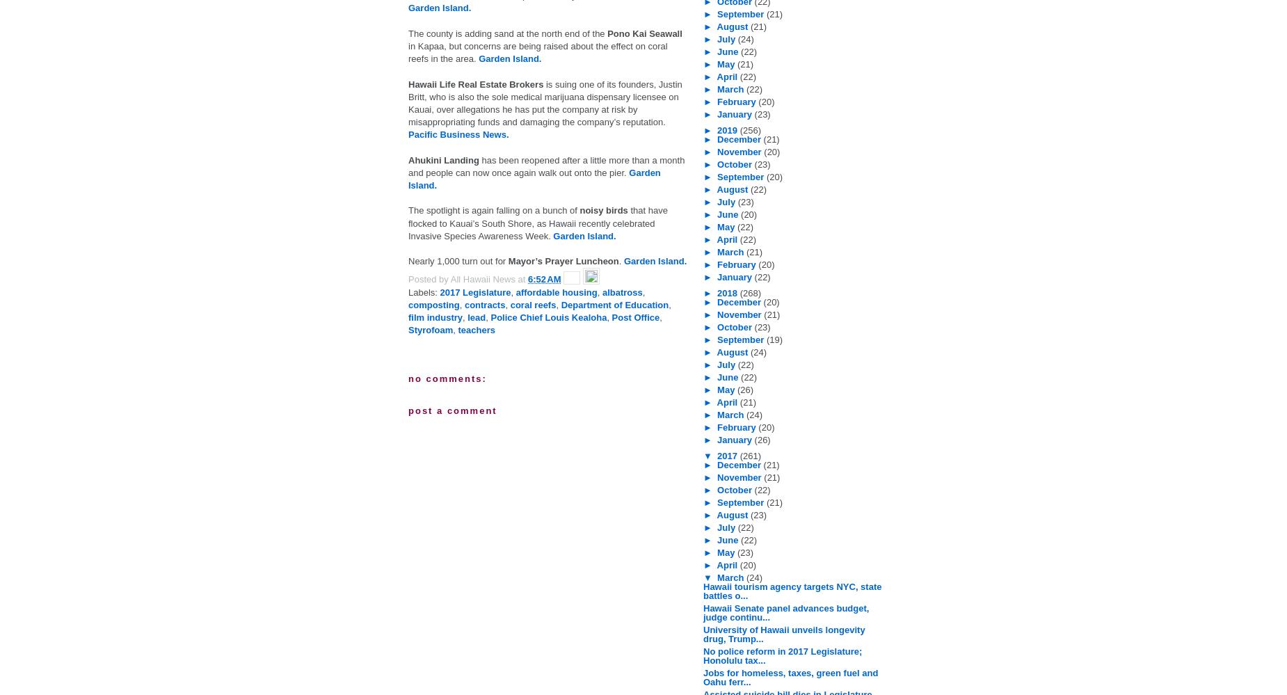 Image resolution: width=1287 pixels, height=695 pixels. What do you see at coordinates (621, 291) in the screenshot?
I see `'albatross'` at bounding box center [621, 291].